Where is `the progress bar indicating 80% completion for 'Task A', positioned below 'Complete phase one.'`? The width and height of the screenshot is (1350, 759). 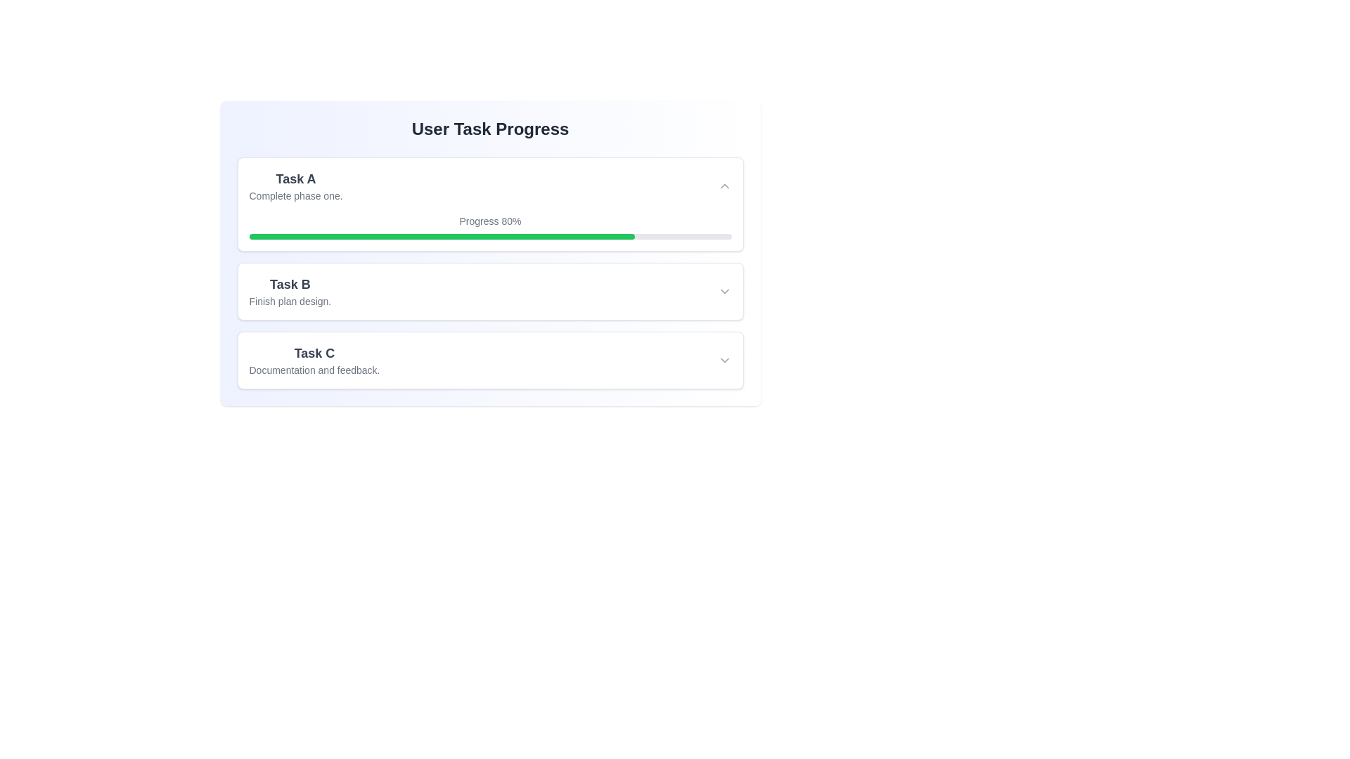
the progress bar indicating 80% completion for 'Task A', positioned below 'Complete phase one.' is located at coordinates (490, 226).